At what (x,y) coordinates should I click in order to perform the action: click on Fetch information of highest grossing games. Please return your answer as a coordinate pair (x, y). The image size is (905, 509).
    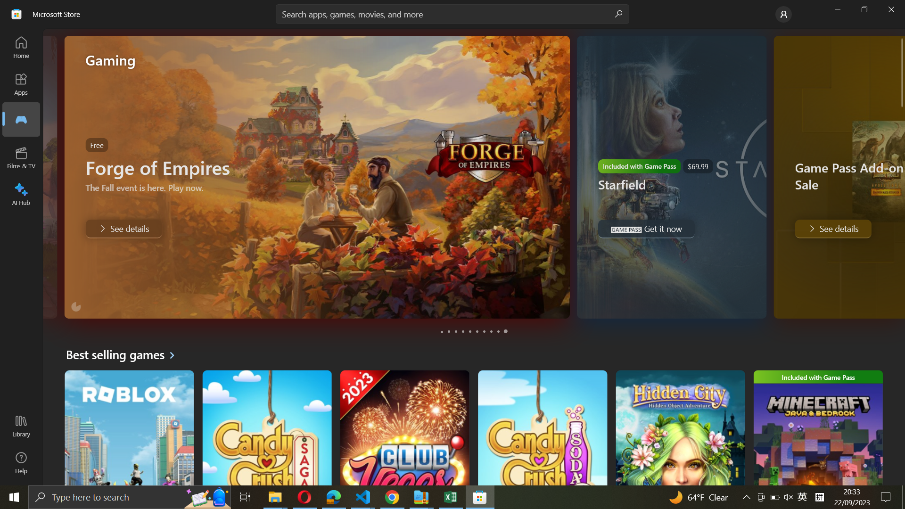
    Looking at the image, I should click on (123, 354).